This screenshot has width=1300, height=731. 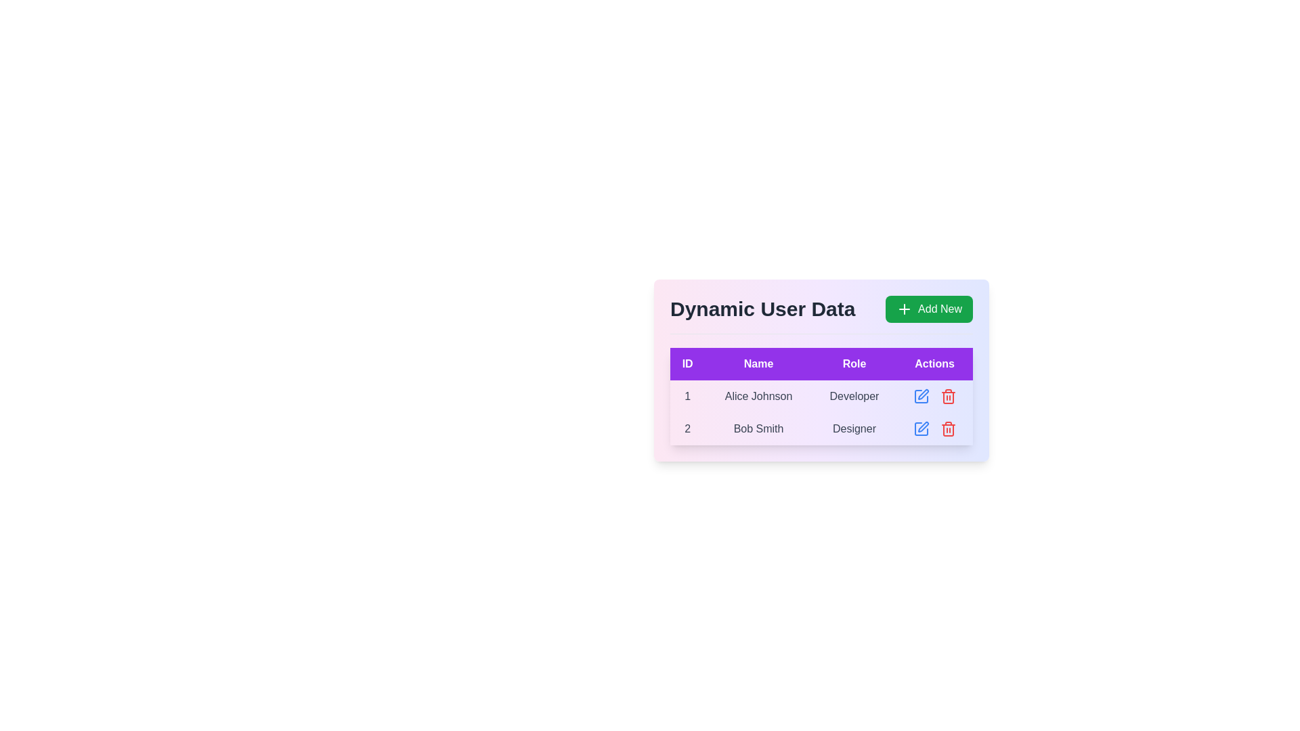 What do you see at coordinates (758, 363) in the screenshot?
I see `the second column header in the table that indicates the content type (names of individuals), positioned between the 'ID' and 'Role' columns` at bounding box center [758, 363].